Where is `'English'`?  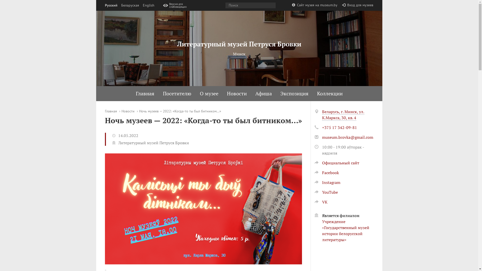 'English' is located at coordinates (142, 5).